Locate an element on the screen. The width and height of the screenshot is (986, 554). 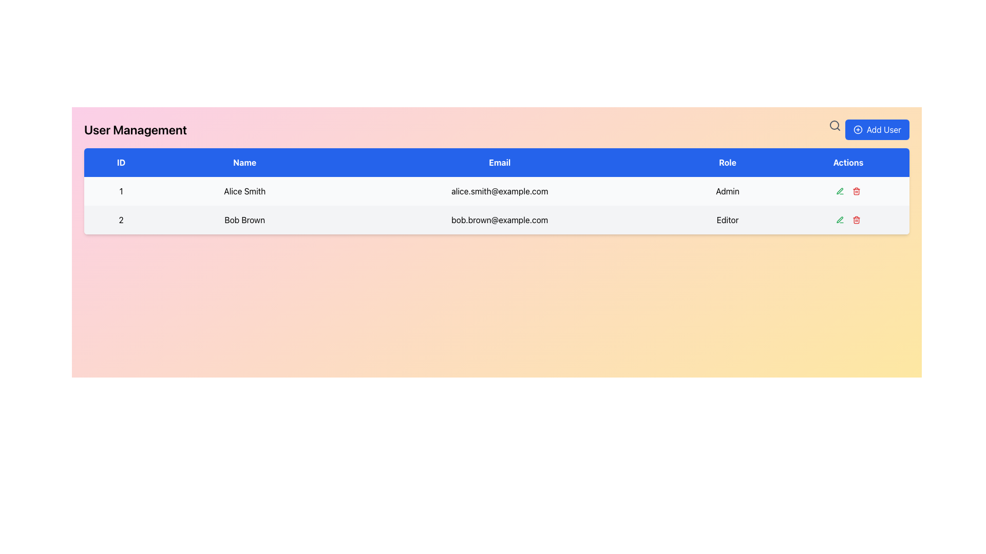
the 'Role' column header label, which identifies the data category for the column in the table, positioned between the 'Email' and 'Actions' headers is located at coordinates (727, 162).